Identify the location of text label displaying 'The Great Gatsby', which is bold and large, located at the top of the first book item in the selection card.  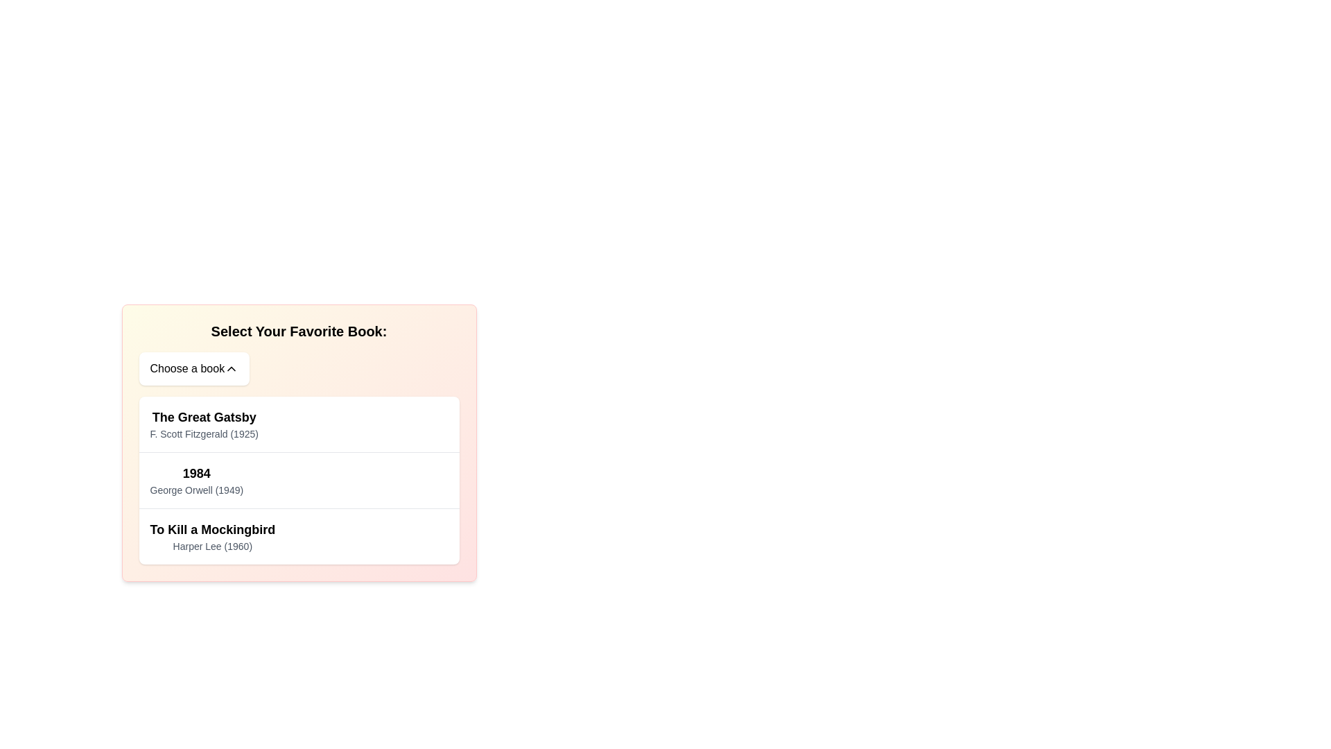
(203, 416).